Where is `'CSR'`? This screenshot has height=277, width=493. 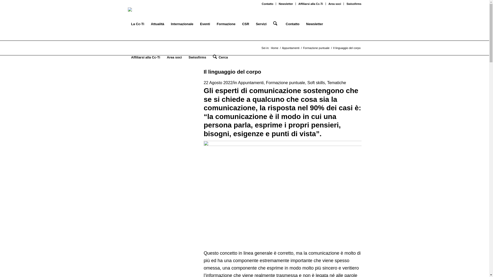 'CSR' is located at coordinates (245, 24).